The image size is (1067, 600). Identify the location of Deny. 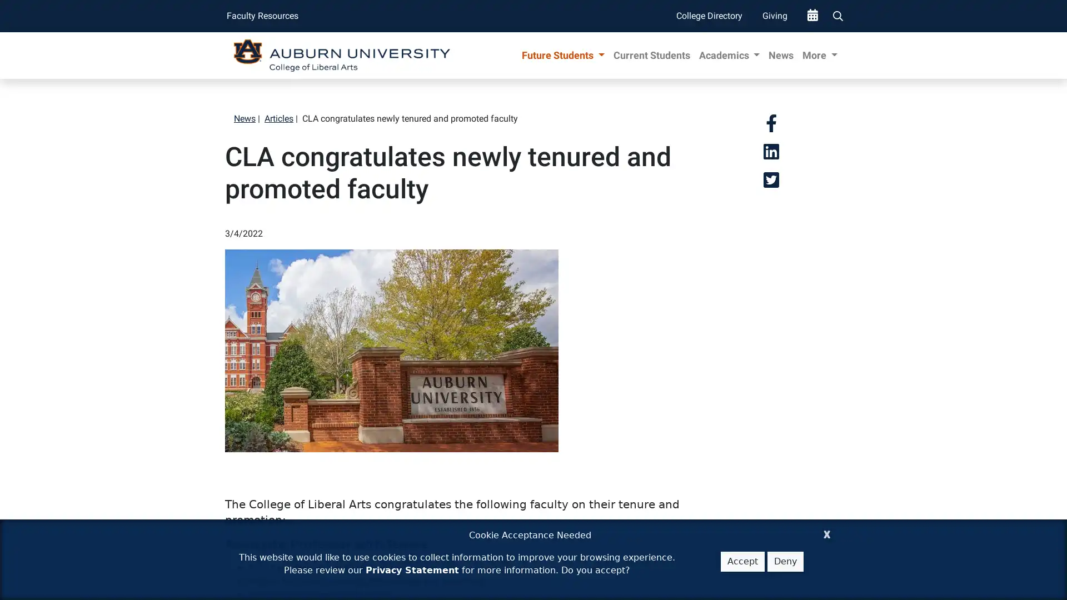
(785, 561).